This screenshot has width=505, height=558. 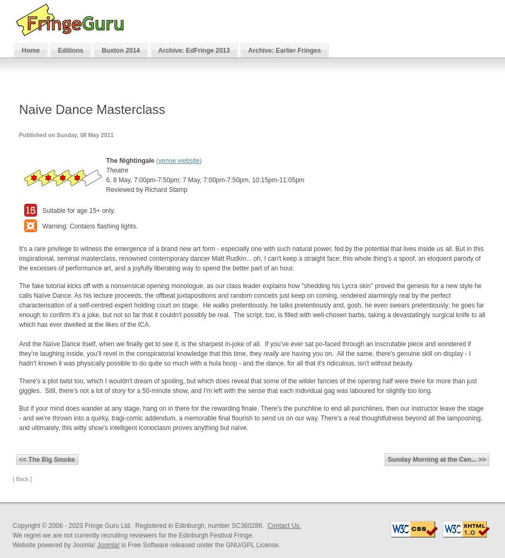 What do you see at coordinates (250, 259) in the screenshot?
I see `'It's a rare privilege to witness the emergence of a brand new art form - especially one with such natural power, fed by the potential that lives inside us all. But in this inspirational, seminal masterclass, renowned contemporary dancer Matt Rudkin... oh, I can't keep a straight face; this whole thing's a spoof, an eloquent parody of the excesses of performance art, and a joyfully liberating way to spend the better part of an hour.'` at bounding box center [250, 259].